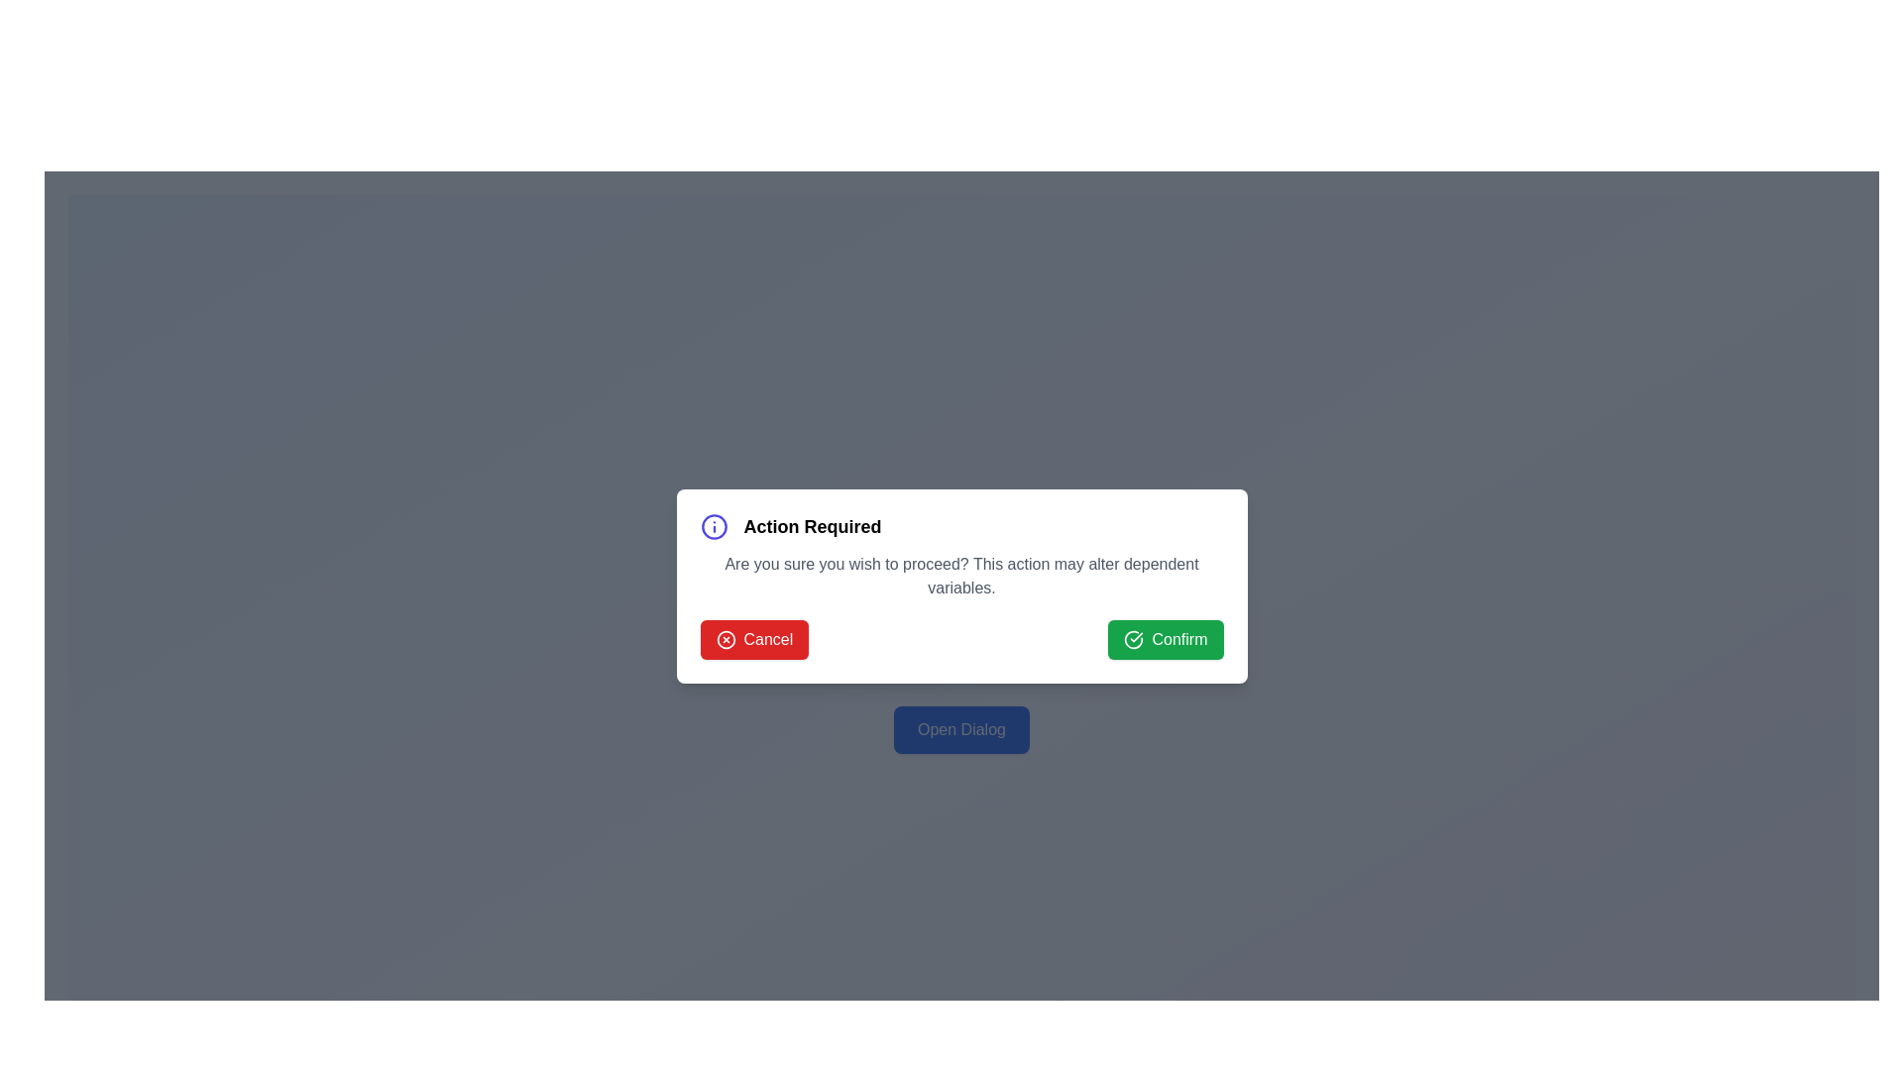 This screenshot has height=1070, width=1903. Describe the element at coordinates (1134, 639) in the screenshot. I see `the segmented arc of the circular graphic that is part of the confirmation dialog, located in the top-right section adjacent to the 'Confirm' button` at that location.